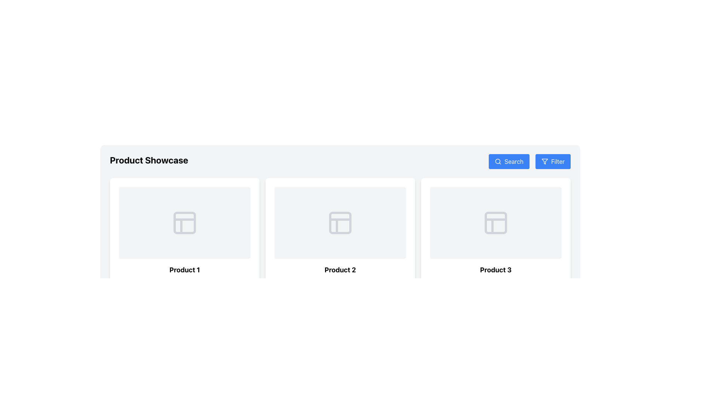  What do you see at coordinates (495, 270) in the screenshot?
I see `text content of the Text Label that identifies 'Product 3' in the card, located at the bottom section, following the icon graphic` at bounding box center [495, 270].